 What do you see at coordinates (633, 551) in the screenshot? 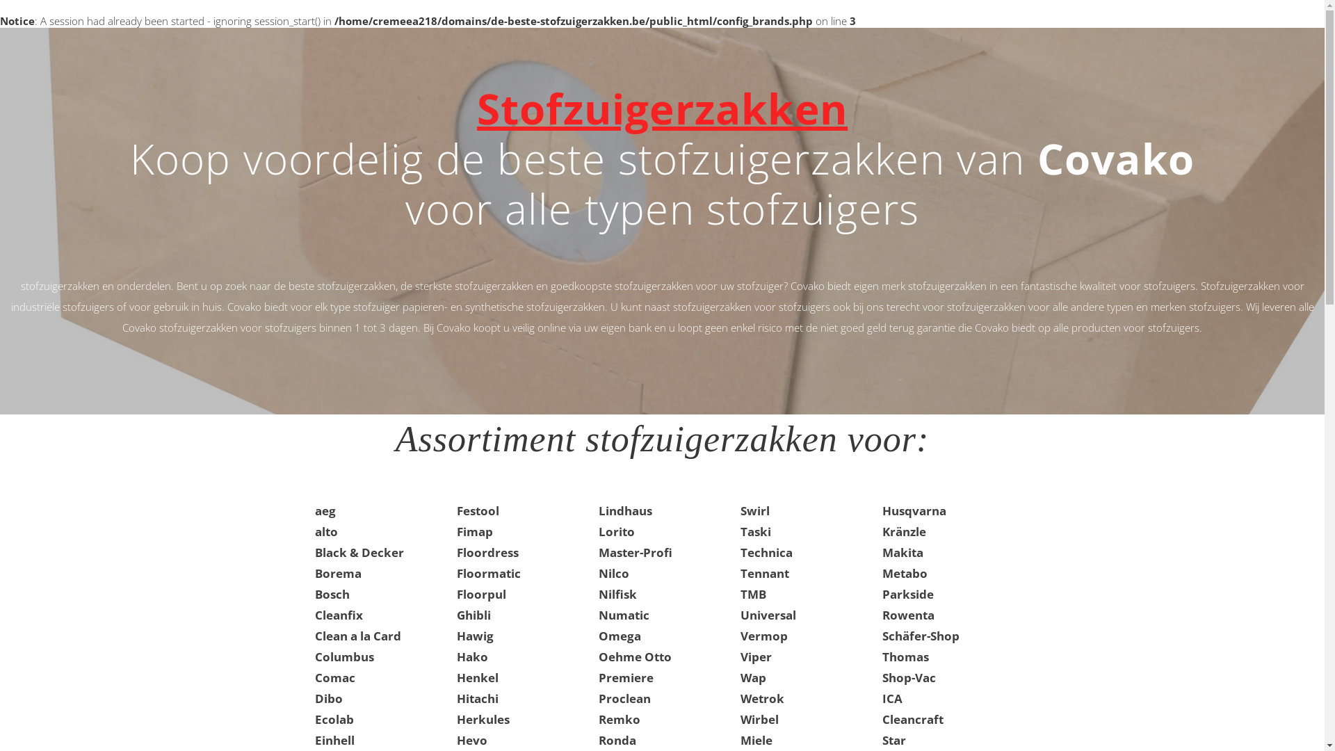
I see `'Master-Profi'` at bounding box center [633, 551].